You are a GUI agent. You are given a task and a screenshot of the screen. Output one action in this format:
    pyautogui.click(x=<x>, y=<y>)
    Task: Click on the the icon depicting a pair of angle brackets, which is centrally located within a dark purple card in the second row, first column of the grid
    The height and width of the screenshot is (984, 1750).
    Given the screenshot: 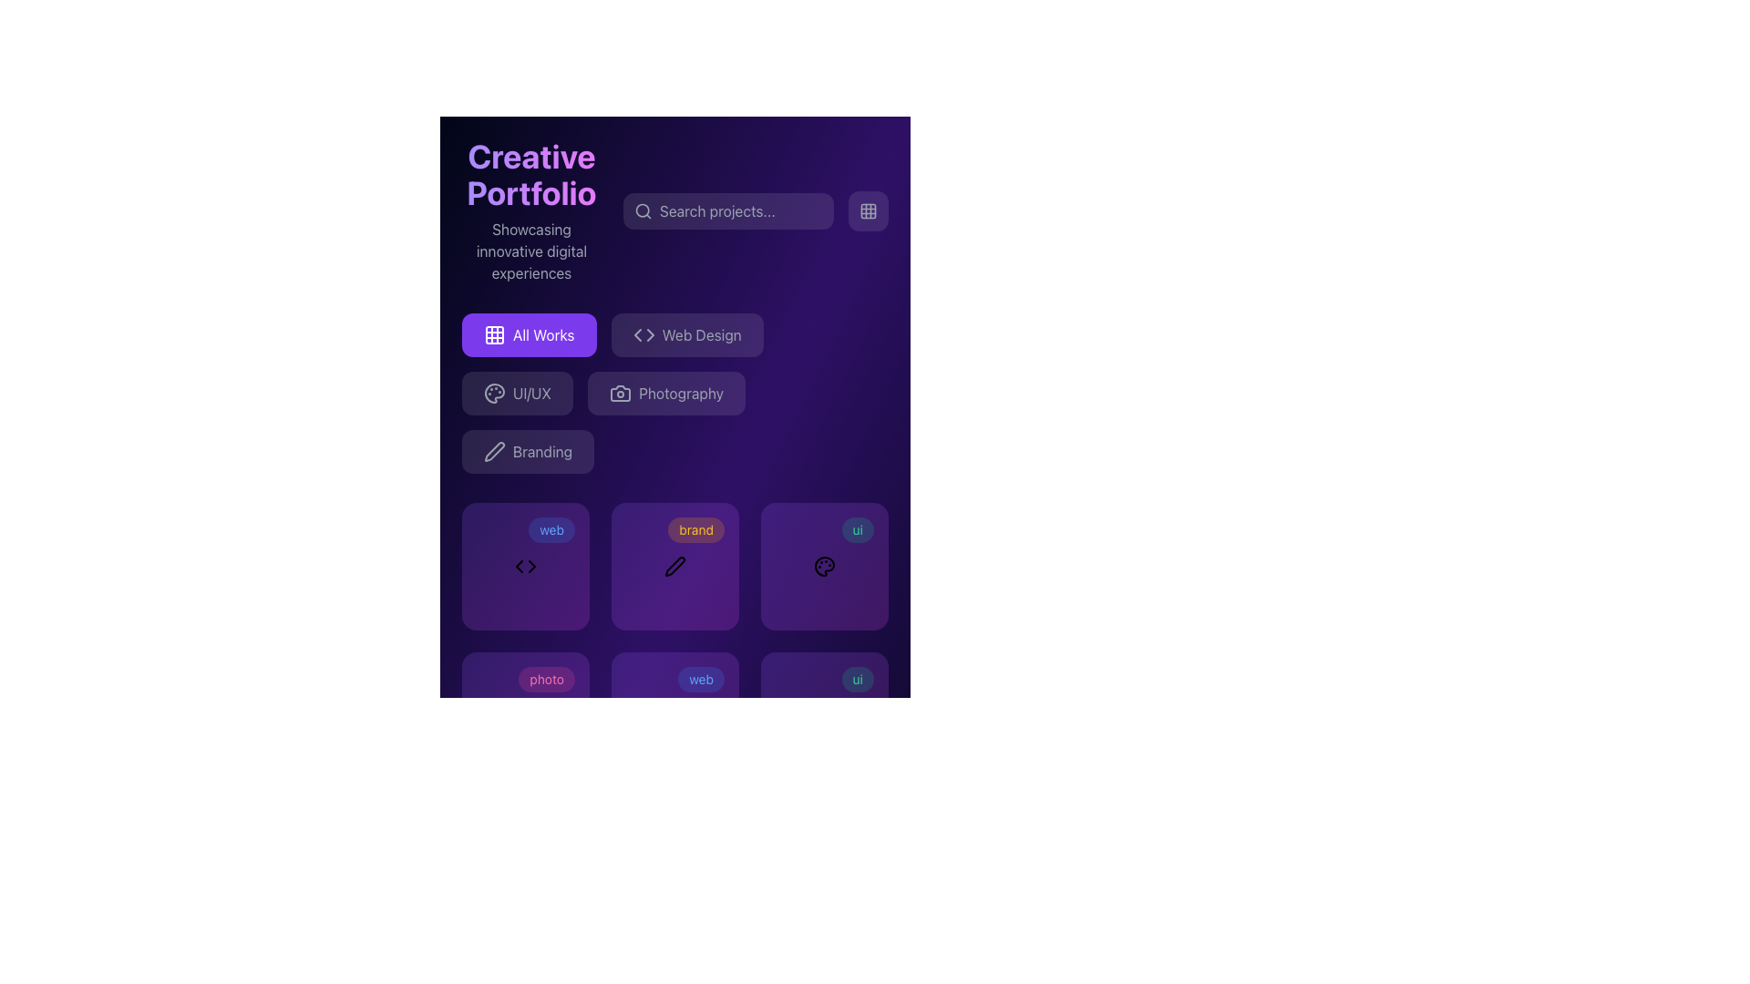 What is the action you would take?
    pyautogui.click(x=524, y=565)
    